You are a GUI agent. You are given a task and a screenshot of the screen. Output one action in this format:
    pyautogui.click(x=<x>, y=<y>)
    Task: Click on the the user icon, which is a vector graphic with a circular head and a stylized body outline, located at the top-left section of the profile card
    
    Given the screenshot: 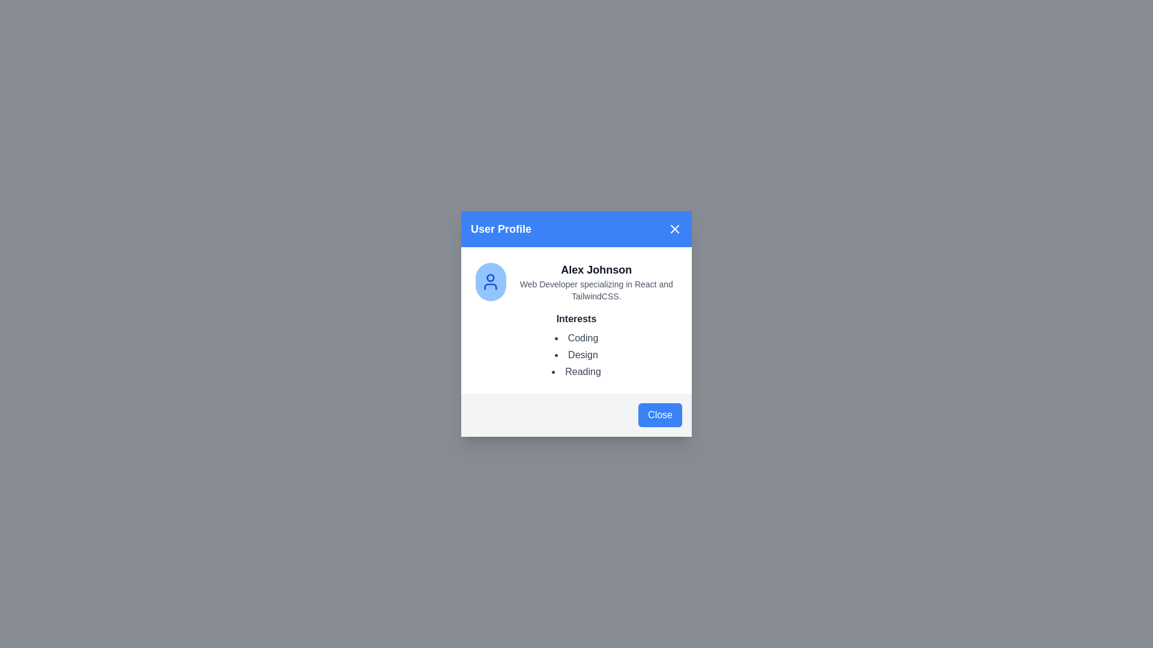 What is the action you would take?
    pyautogui.click(x=491, y=282)
    